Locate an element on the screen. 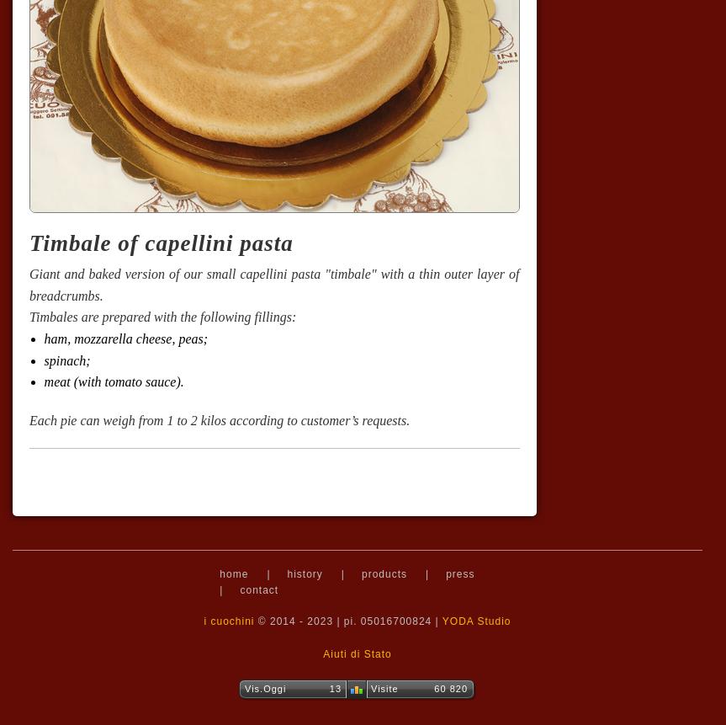  'YODA Studio' is located at coordinates (476, 620).